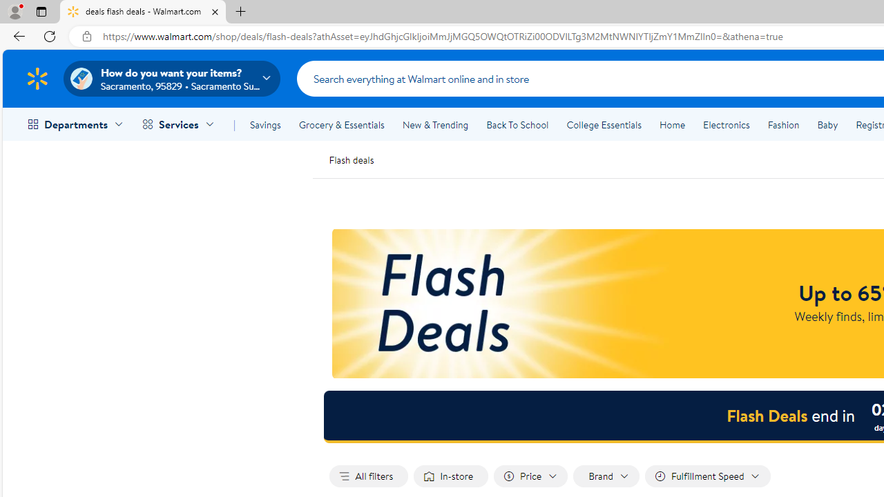  I want to click on 'Filter by Fulfillment Speed not applied, activate to change', so click(707, 476).